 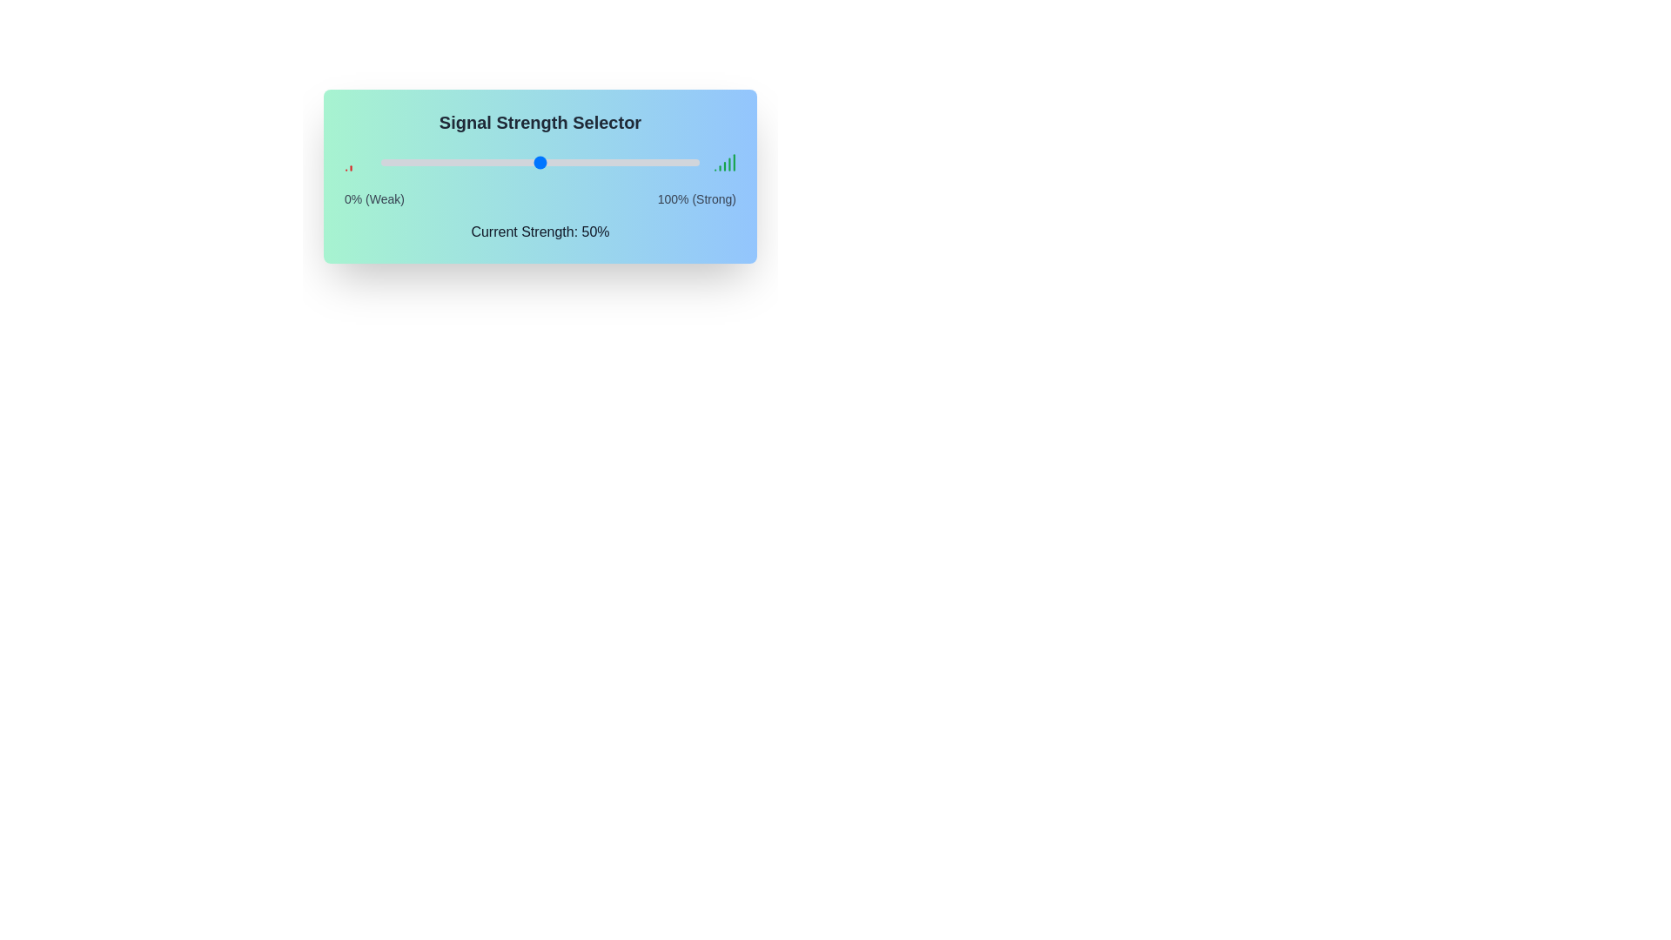 I want to click on the signal strength slider to 7%, so click(x=402, y=162).